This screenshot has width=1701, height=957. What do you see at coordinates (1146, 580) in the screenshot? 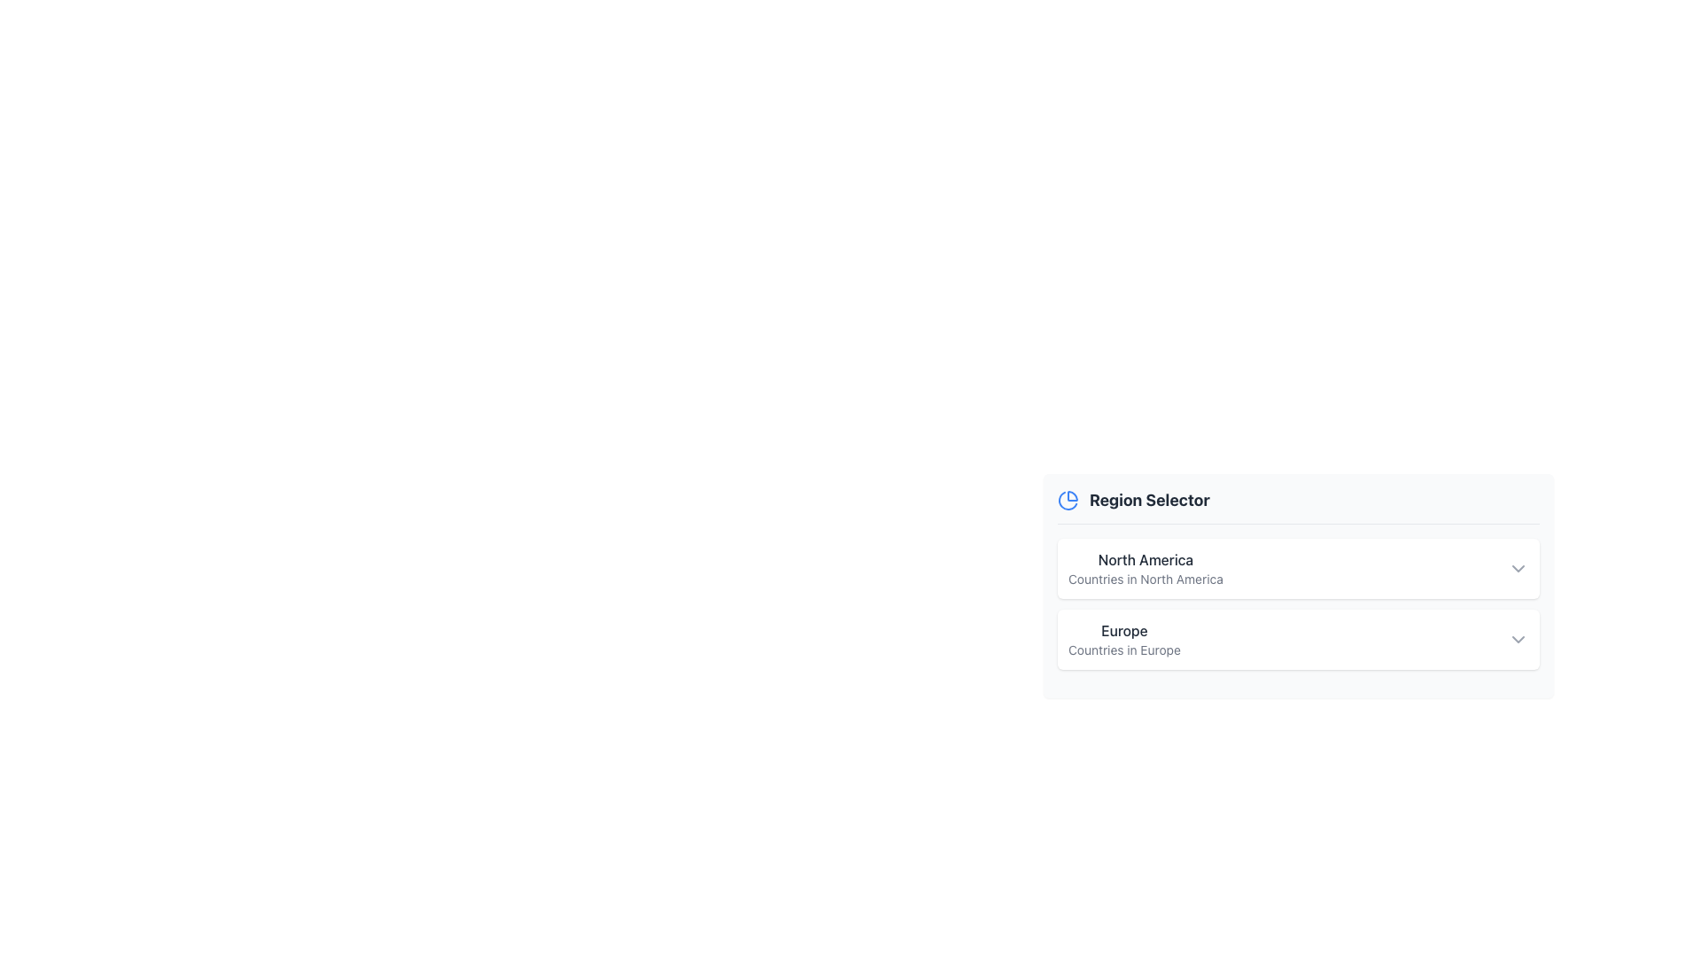
I see `the text label providing supplementary information for 'North America' in the 'Region Selector' section` at bounding box center [1146, 580].